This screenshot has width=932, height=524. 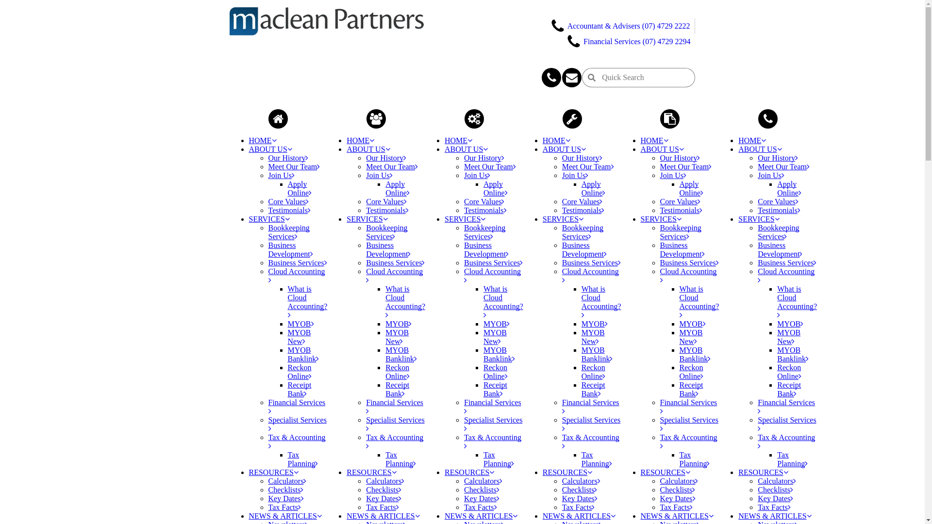 I want to click on 'Bookkeeping Services', so click(x=582, y=232).